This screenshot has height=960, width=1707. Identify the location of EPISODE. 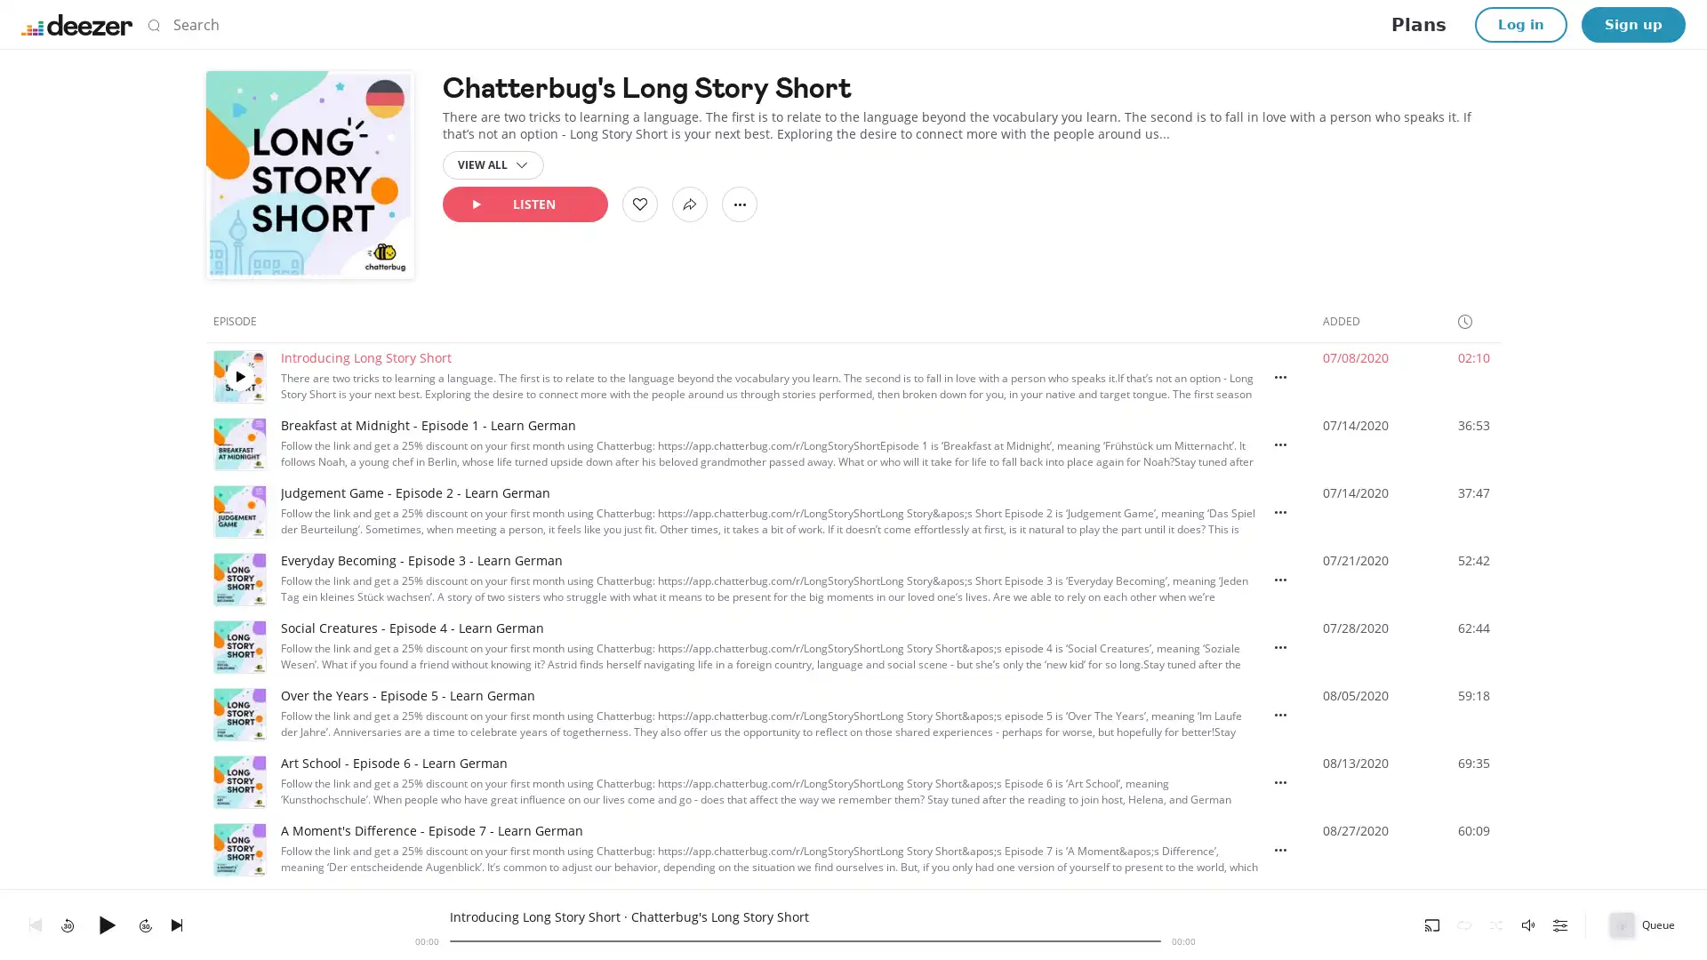
(242, 321).